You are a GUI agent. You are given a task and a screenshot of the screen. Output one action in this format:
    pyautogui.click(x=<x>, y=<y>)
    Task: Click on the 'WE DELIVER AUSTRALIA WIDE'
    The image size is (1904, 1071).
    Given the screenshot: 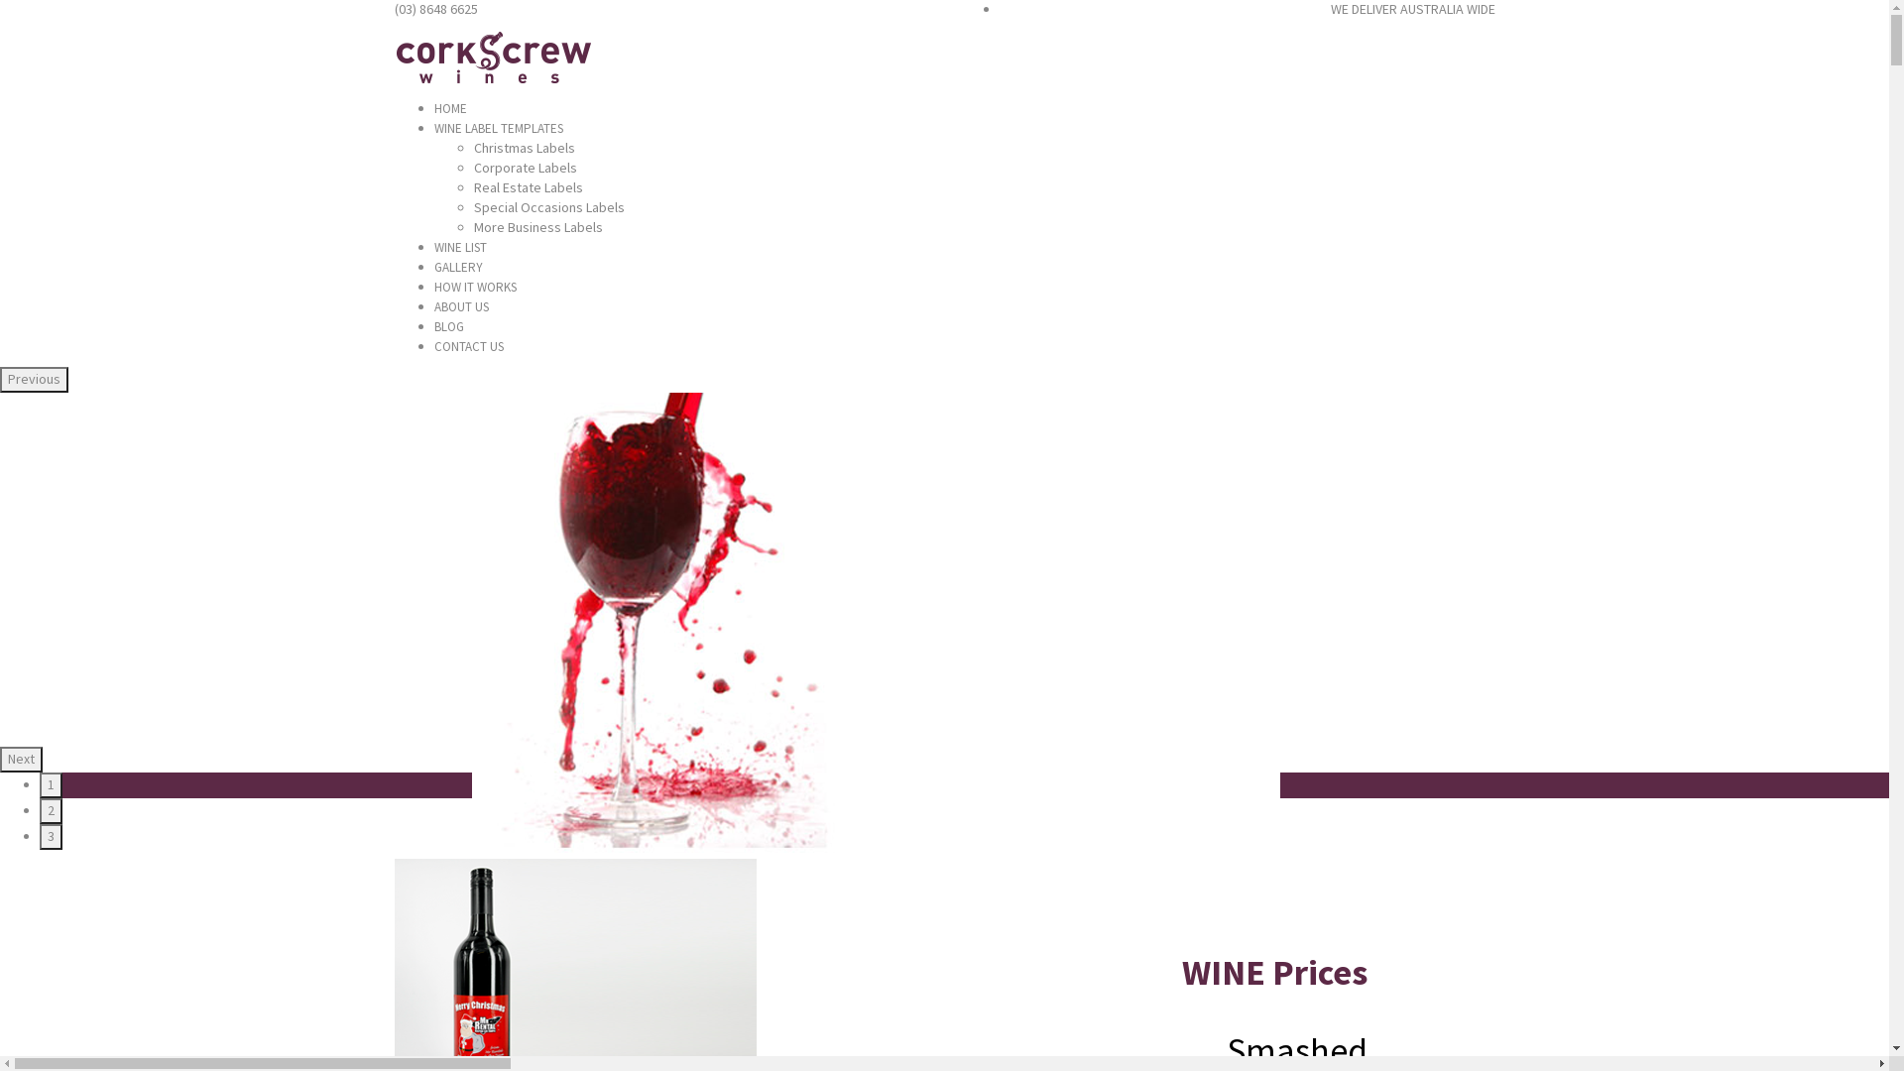 What is the action you would take?
    pyautogui.click(x=1412, y=8)
    